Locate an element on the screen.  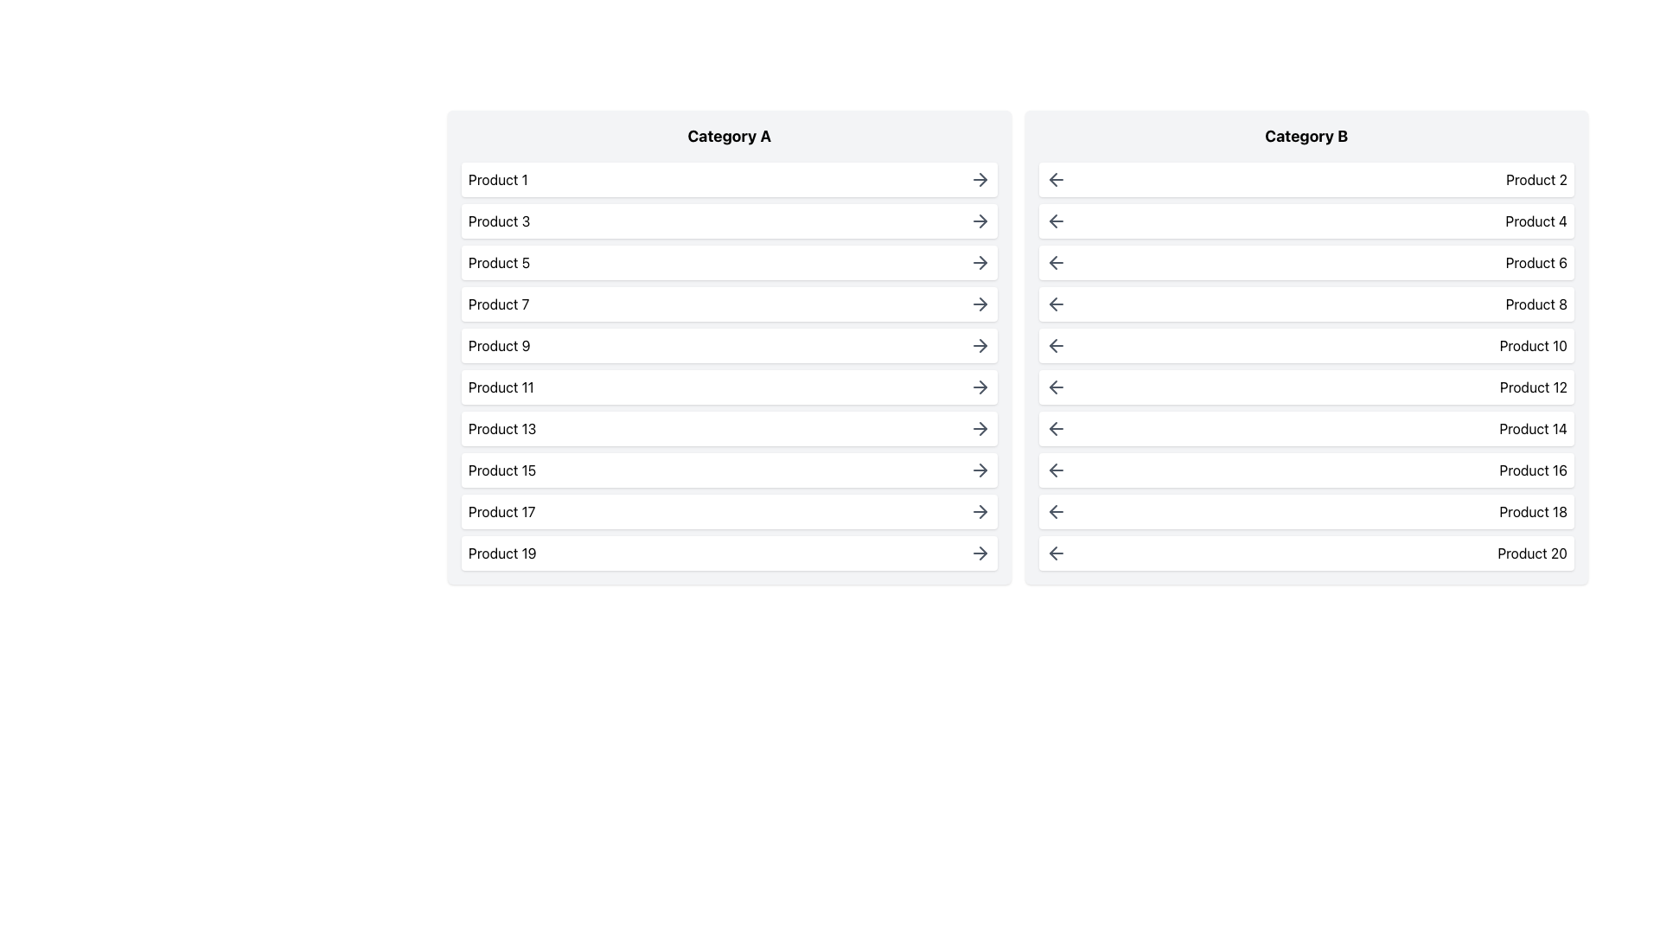
text of the heading for the 'Category B' section, which is located at the top center of the panel and serves to identify the products listed under this category is located at coordinates (1306, 136).